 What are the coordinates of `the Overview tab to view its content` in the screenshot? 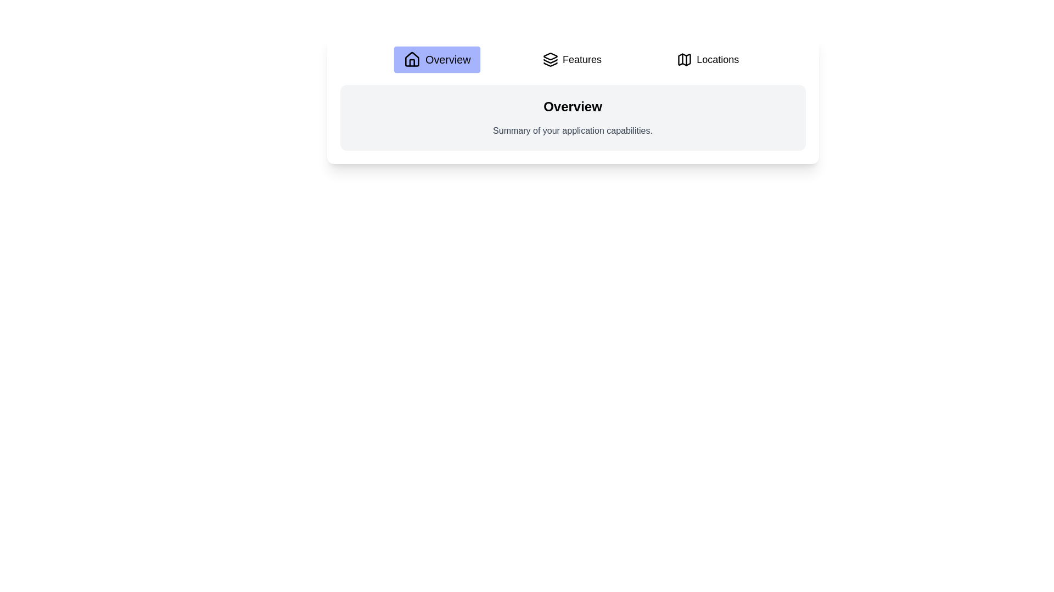 It's located at (436, 59).